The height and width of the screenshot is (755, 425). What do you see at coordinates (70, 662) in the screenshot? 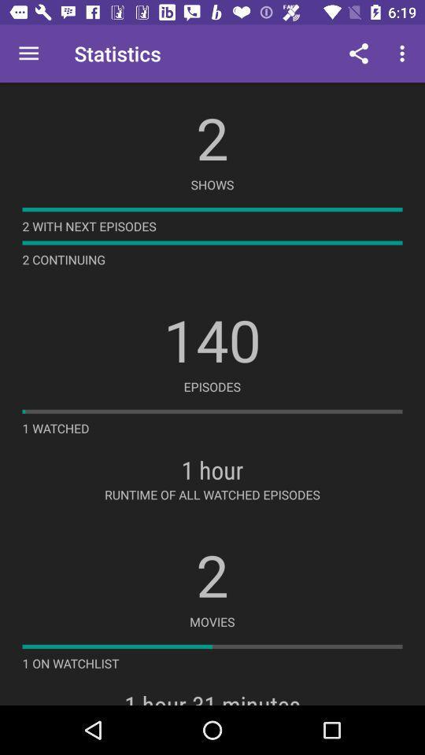
I see `the icon at the bottom left corner` at bounding box center [70, 662].